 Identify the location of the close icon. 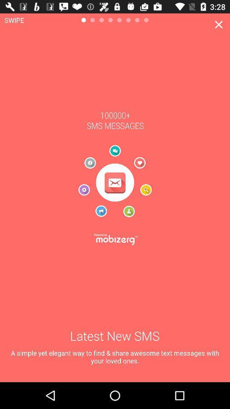
(218, 24).